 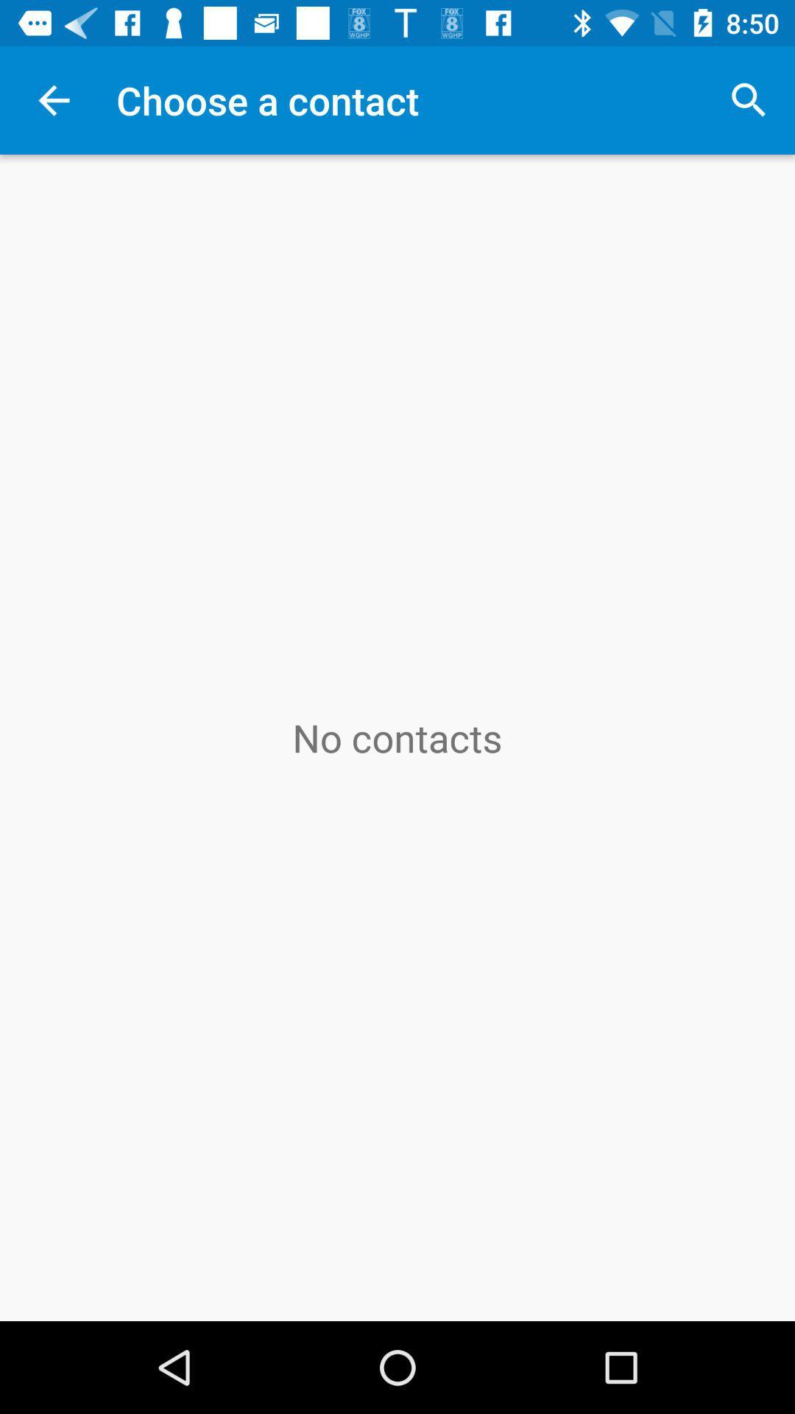 I want to click on icon next to choose a contact icon, so click(x=749, y=99).